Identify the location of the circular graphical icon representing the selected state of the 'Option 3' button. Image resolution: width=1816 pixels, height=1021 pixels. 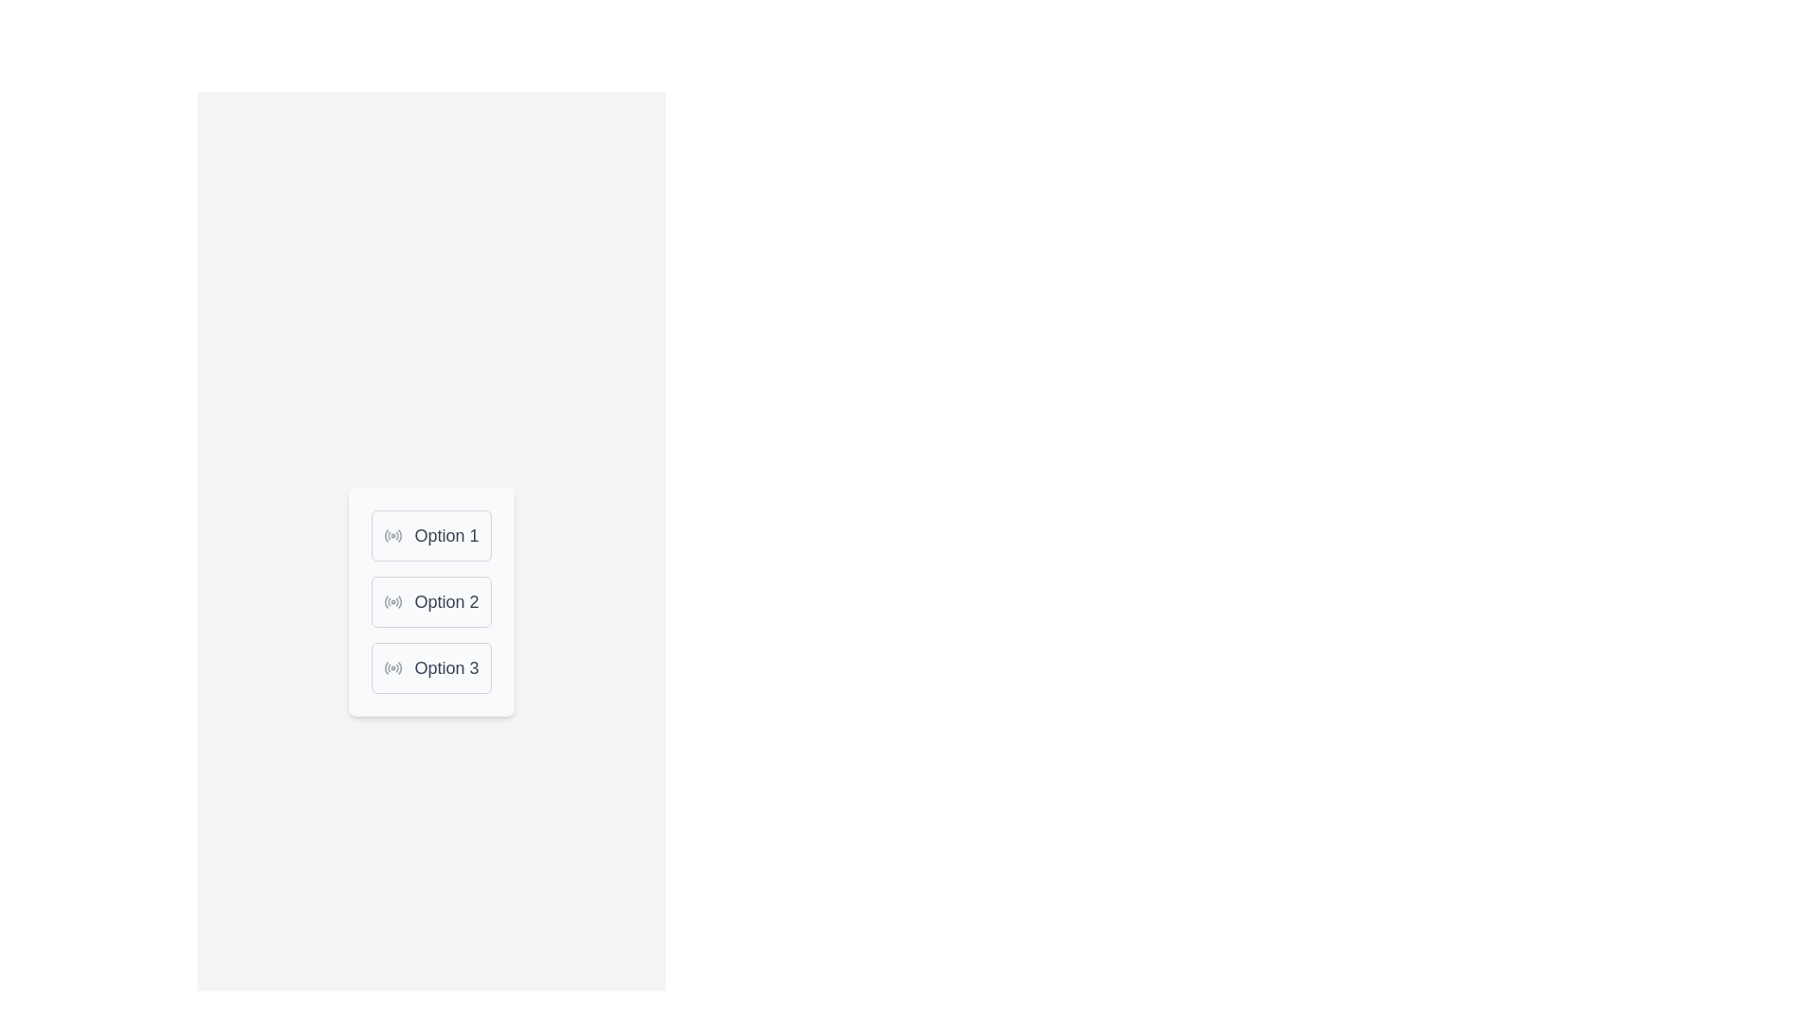
(386, 666).